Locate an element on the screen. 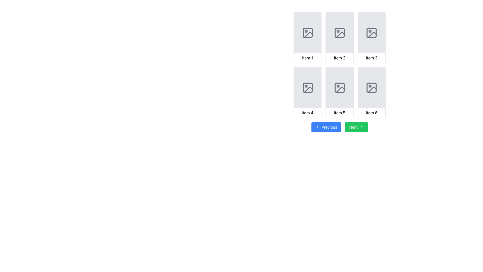 The width and height of the screenshot is (483, 272). the icon located in the middle column of the bottom row in a grid of six items is located at coordinates (339, 87).